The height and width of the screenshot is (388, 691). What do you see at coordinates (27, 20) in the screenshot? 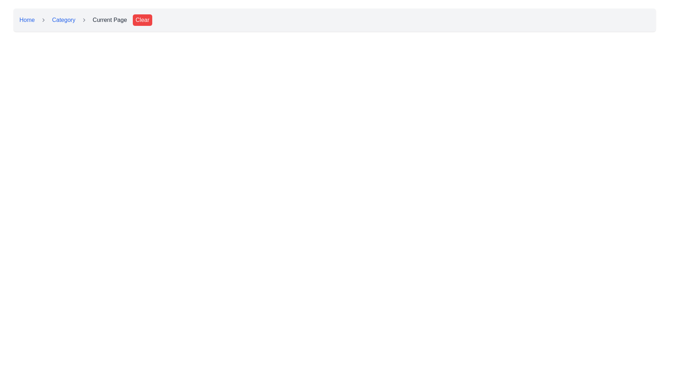
I see `the homepage navigation link located at the top-left section of the breadcrumb navigation bar` at bounding box center [27, 20].